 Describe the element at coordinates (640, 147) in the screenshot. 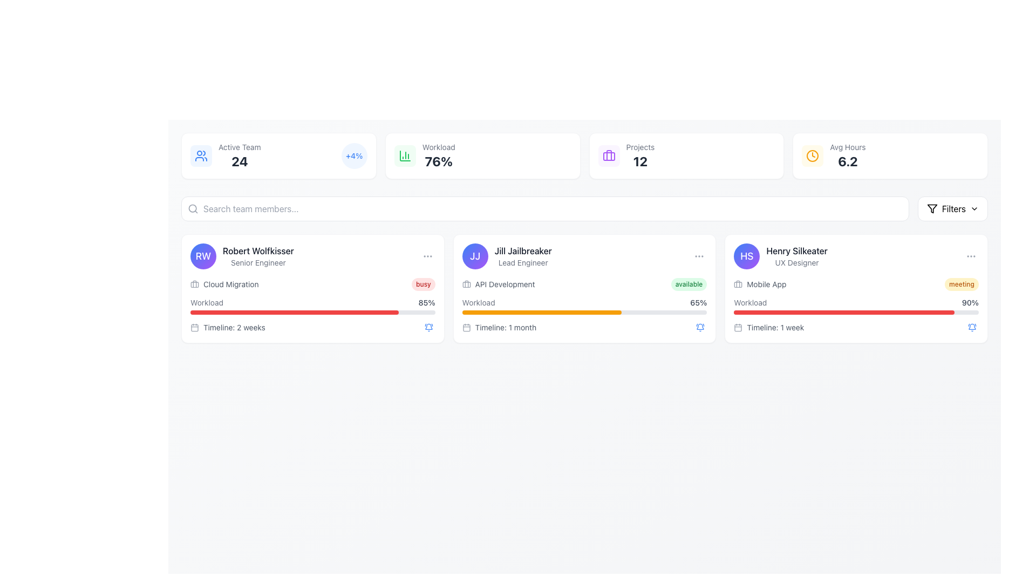

I see `the descriptive text label indicating the count of projects, positioned above the number '12' in the statistics panel` at that location.